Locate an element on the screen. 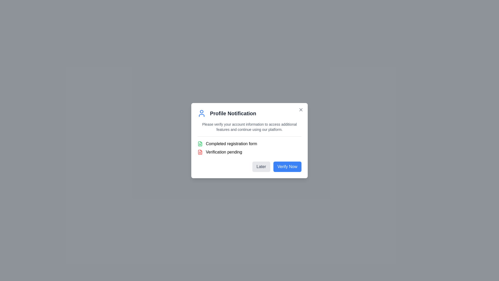 This screenshot has height=281, width=499. text content of the label displaying 'Completed registration form' in bold black font, located in the 'Profile Notification' dialog interface is located at coordinates (231, 144).